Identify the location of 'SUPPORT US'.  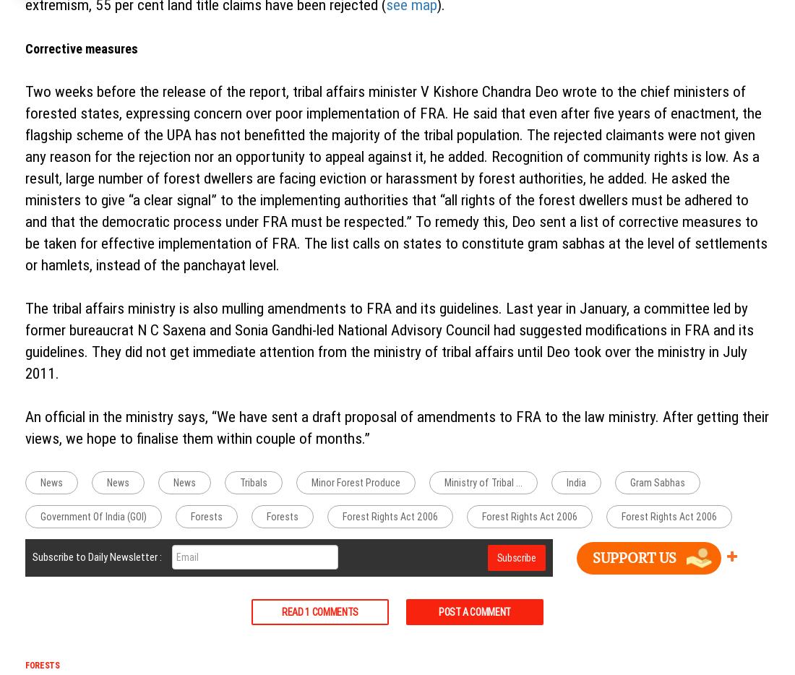
(633, 556).